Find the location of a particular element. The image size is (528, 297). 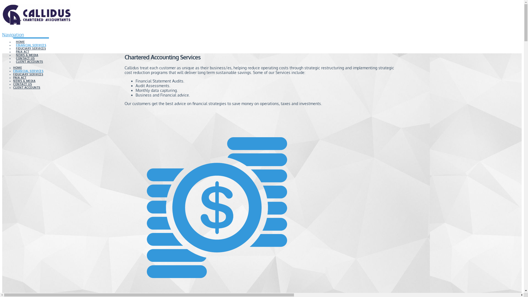

'FIDUCIARY SERVICES' is located at coordinates (31, 45).